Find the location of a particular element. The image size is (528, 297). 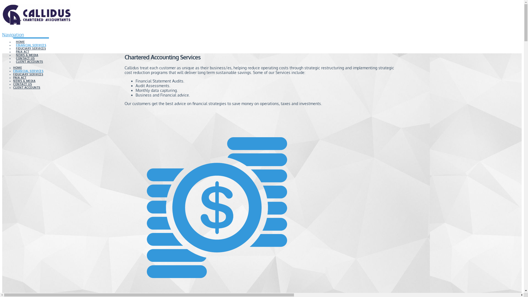

'FIDUCIARY SERVICES' is located at coordinates (31, 45).